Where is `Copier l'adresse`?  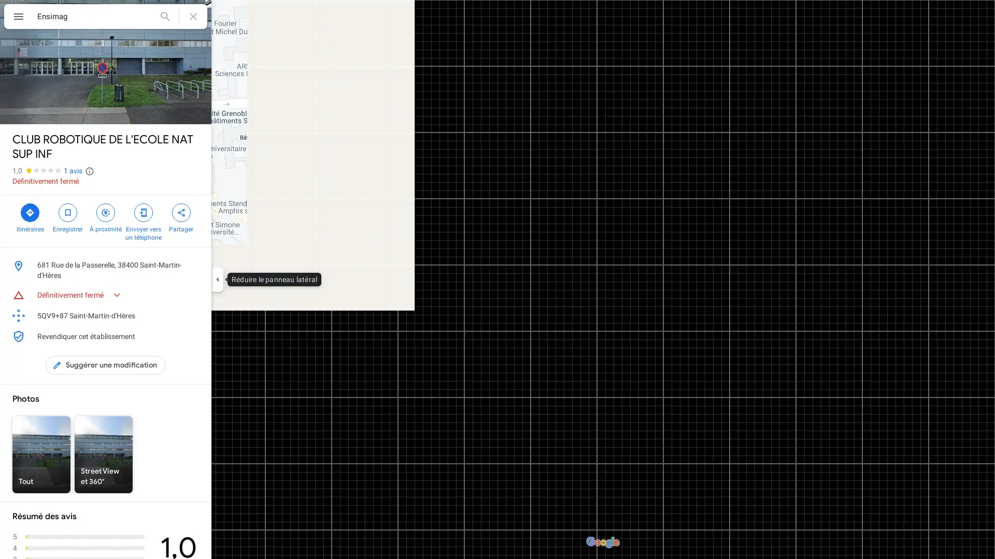
Copier l'adresse is located at coordinates (194, 265).